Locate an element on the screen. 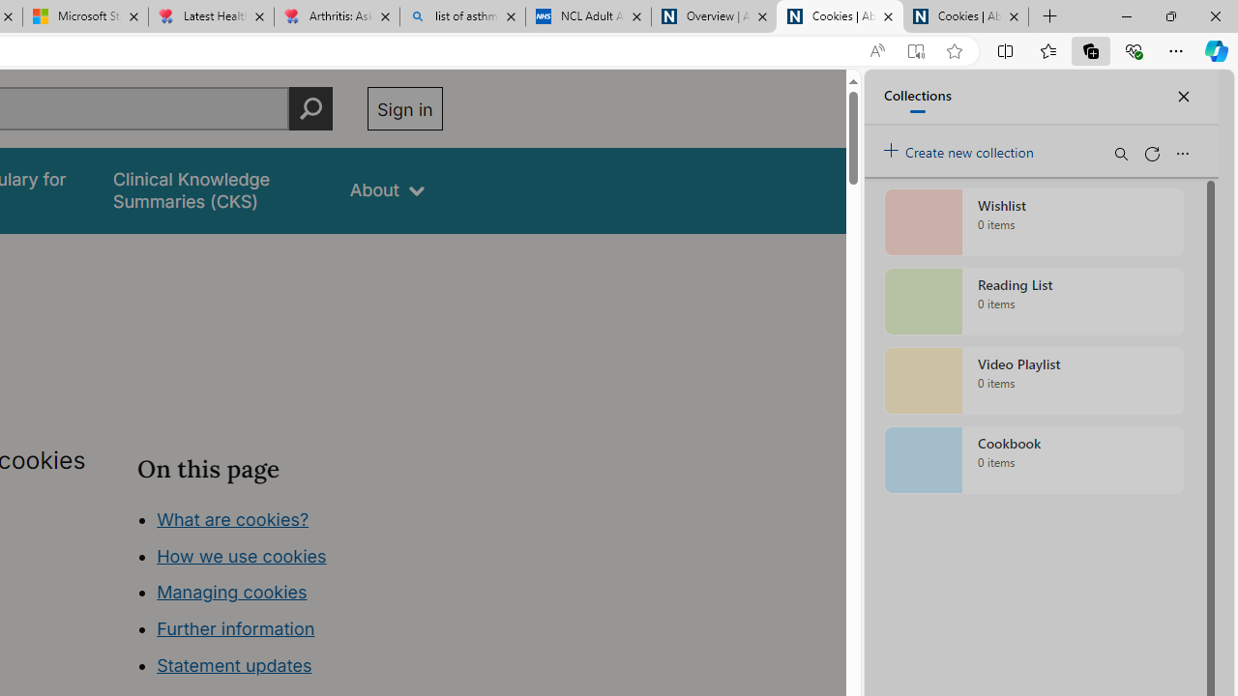  'Minimize' is located at coordinates (1126, 15).